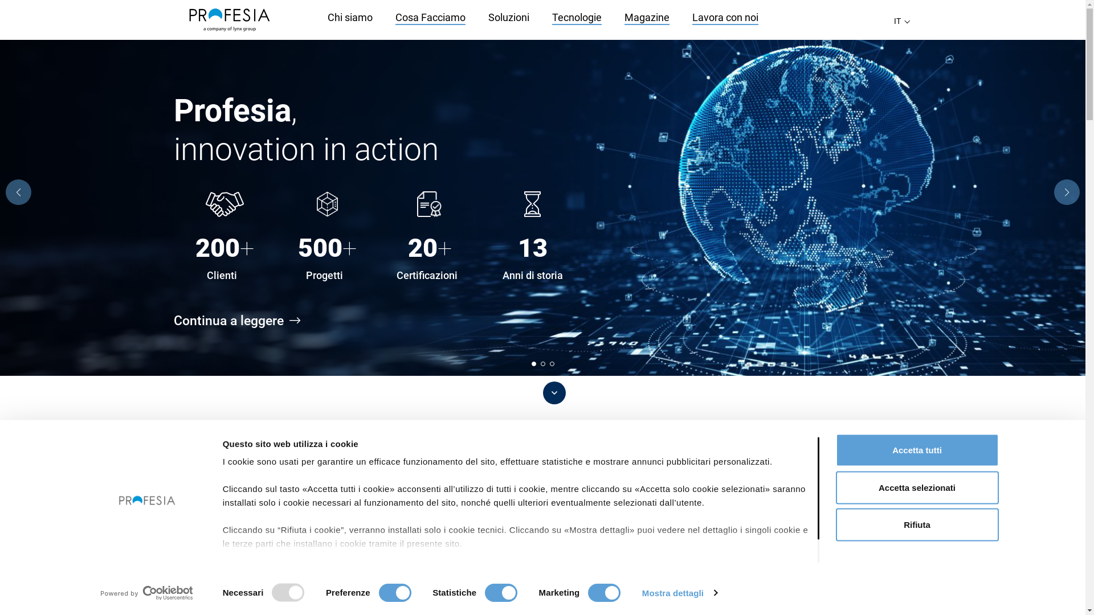 The image size is (1094, 615). I want to click on 'Rifiuta', so click(835, 524).